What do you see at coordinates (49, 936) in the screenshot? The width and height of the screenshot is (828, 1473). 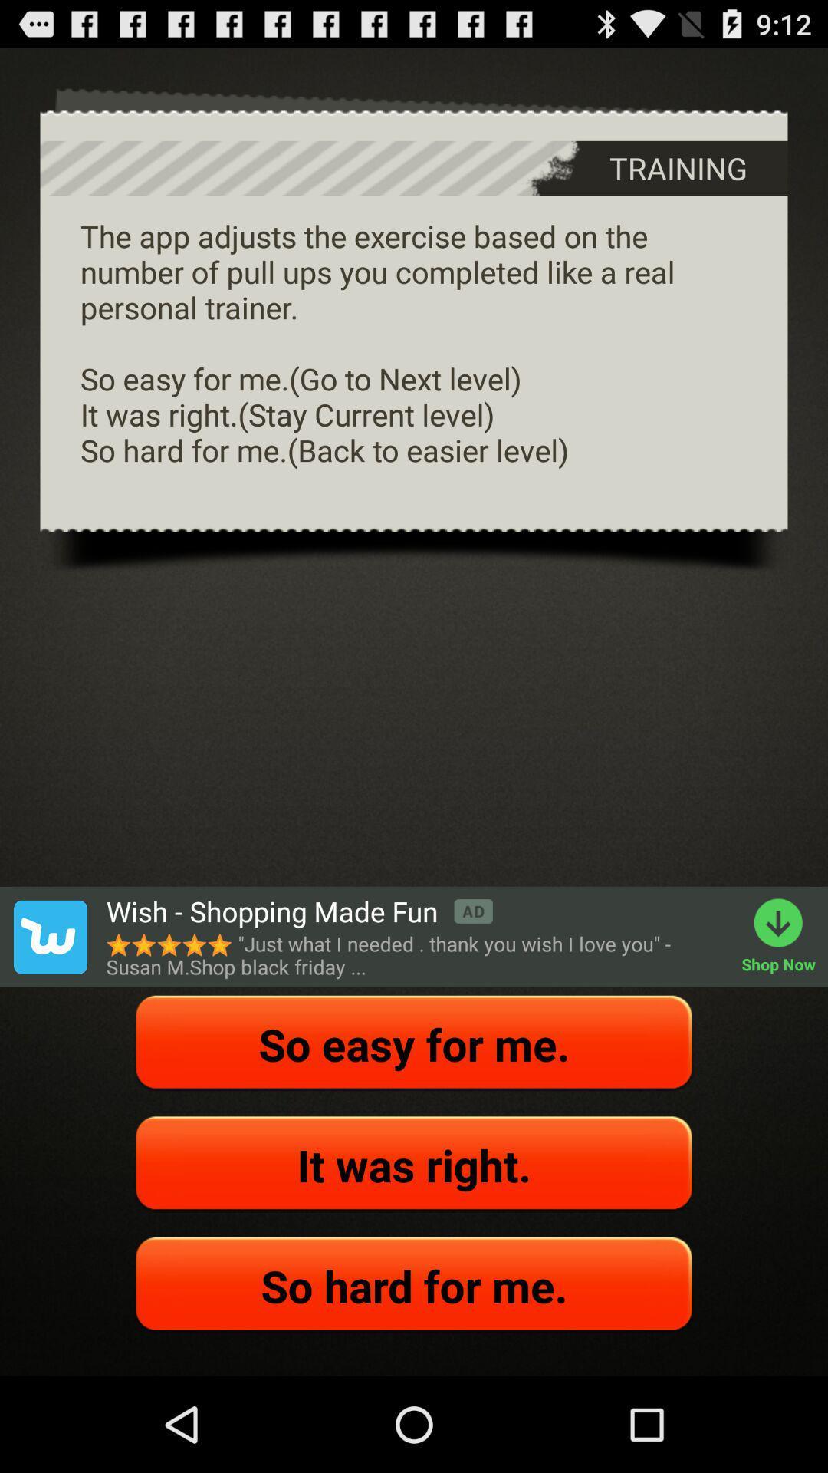 I see `icon next to the wish shopping made app` at bounding box center [49, 936].